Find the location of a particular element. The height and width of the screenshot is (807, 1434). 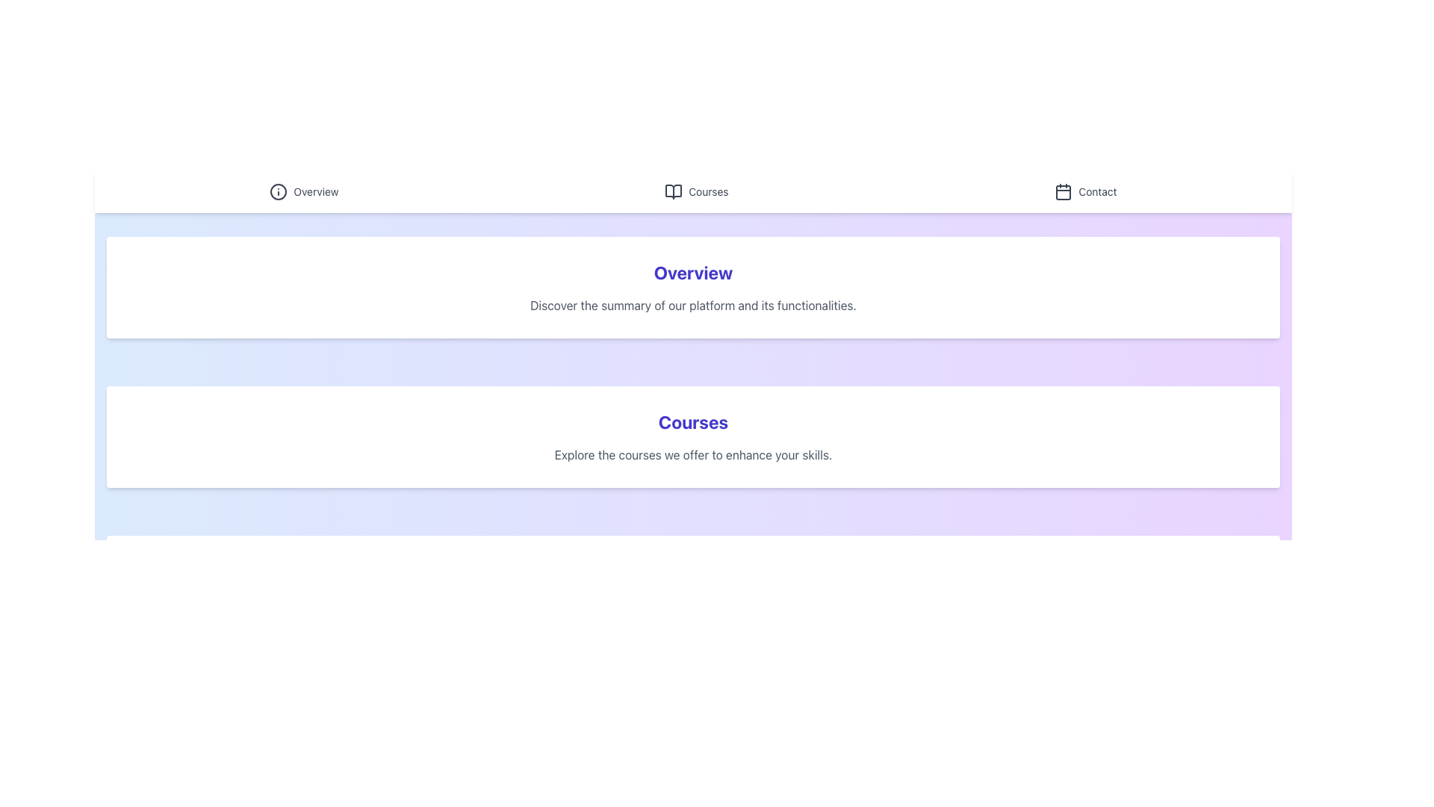

the 'Courses' link in the sticky top navigation bar is located at coordinates (695, 191).